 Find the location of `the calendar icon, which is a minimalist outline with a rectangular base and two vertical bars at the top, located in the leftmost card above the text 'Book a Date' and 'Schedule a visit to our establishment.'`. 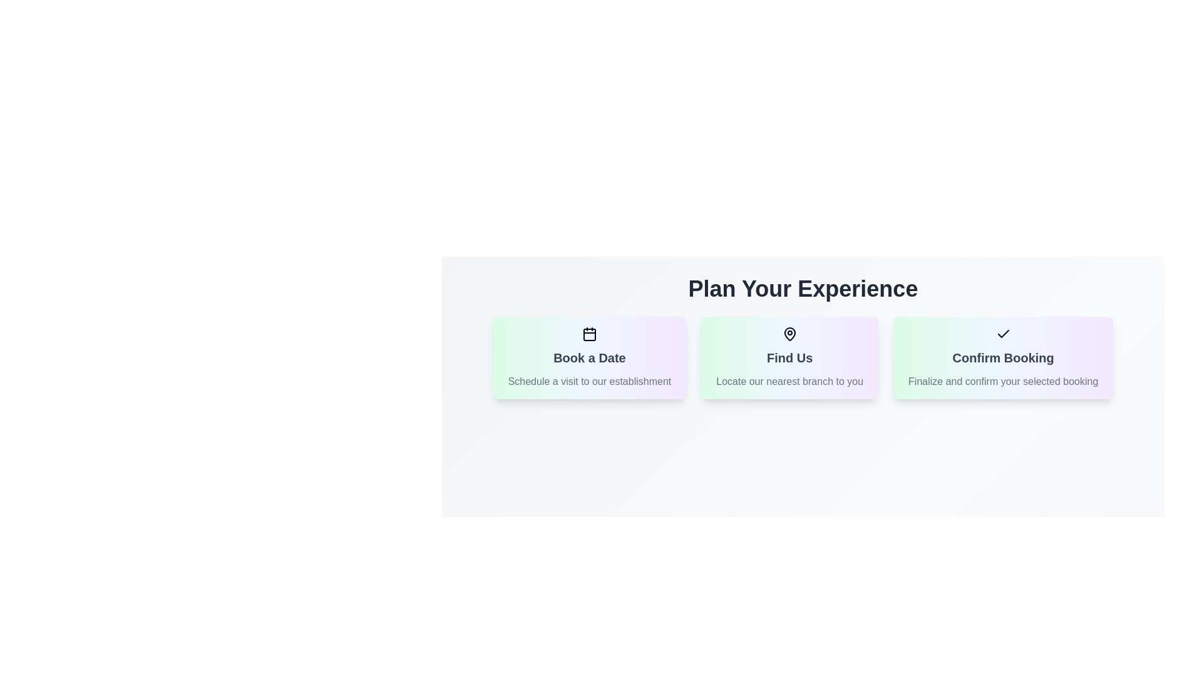

the calendar icon, which is a minimalist outline with a rectangular base and two vertical bars at the top, located in the leftmost card above the text 'Book a Date' and 'Schedule a visit to our establishment.' is located at coordinates (588, 333).